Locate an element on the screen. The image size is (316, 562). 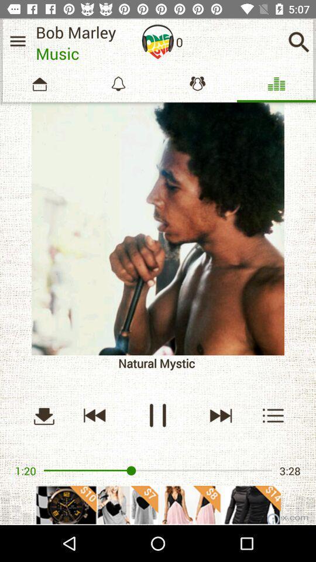
the search icon is located at coordinates (298, 42).